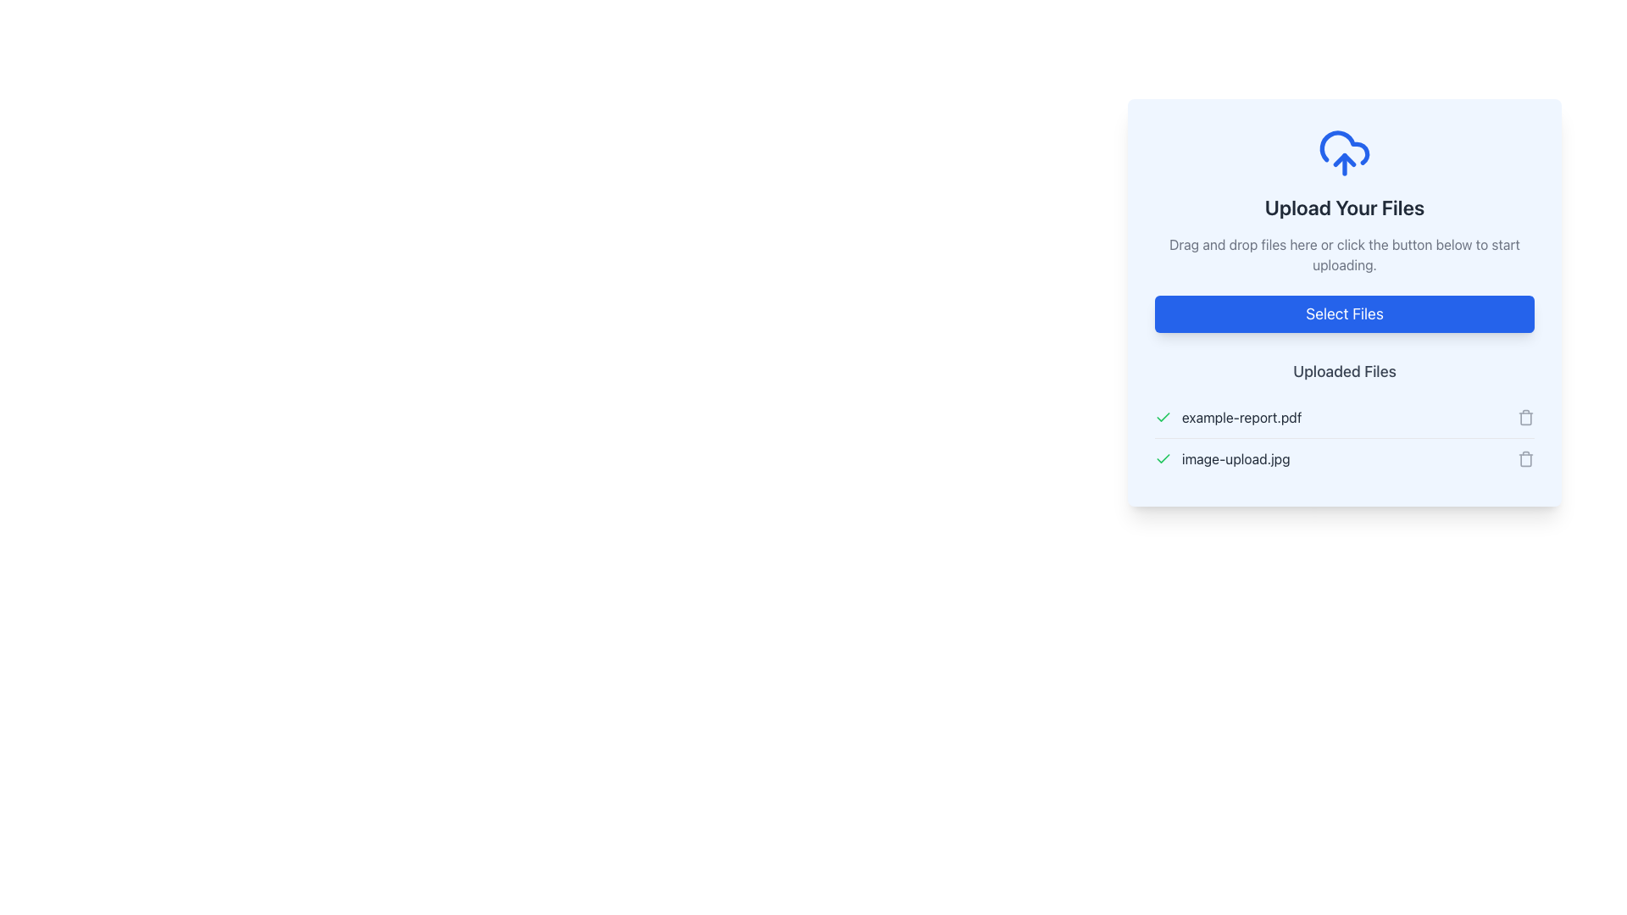 The width and height of the screenshot is (1627, 915). What do you see at coordinates (1344, 160) in the screenshot?
I see `the graphical upload icon located within the cloud icon at the top center of the interface, positioned above the text 'Upload Your Files.'` at bounding box center [1344, 160].